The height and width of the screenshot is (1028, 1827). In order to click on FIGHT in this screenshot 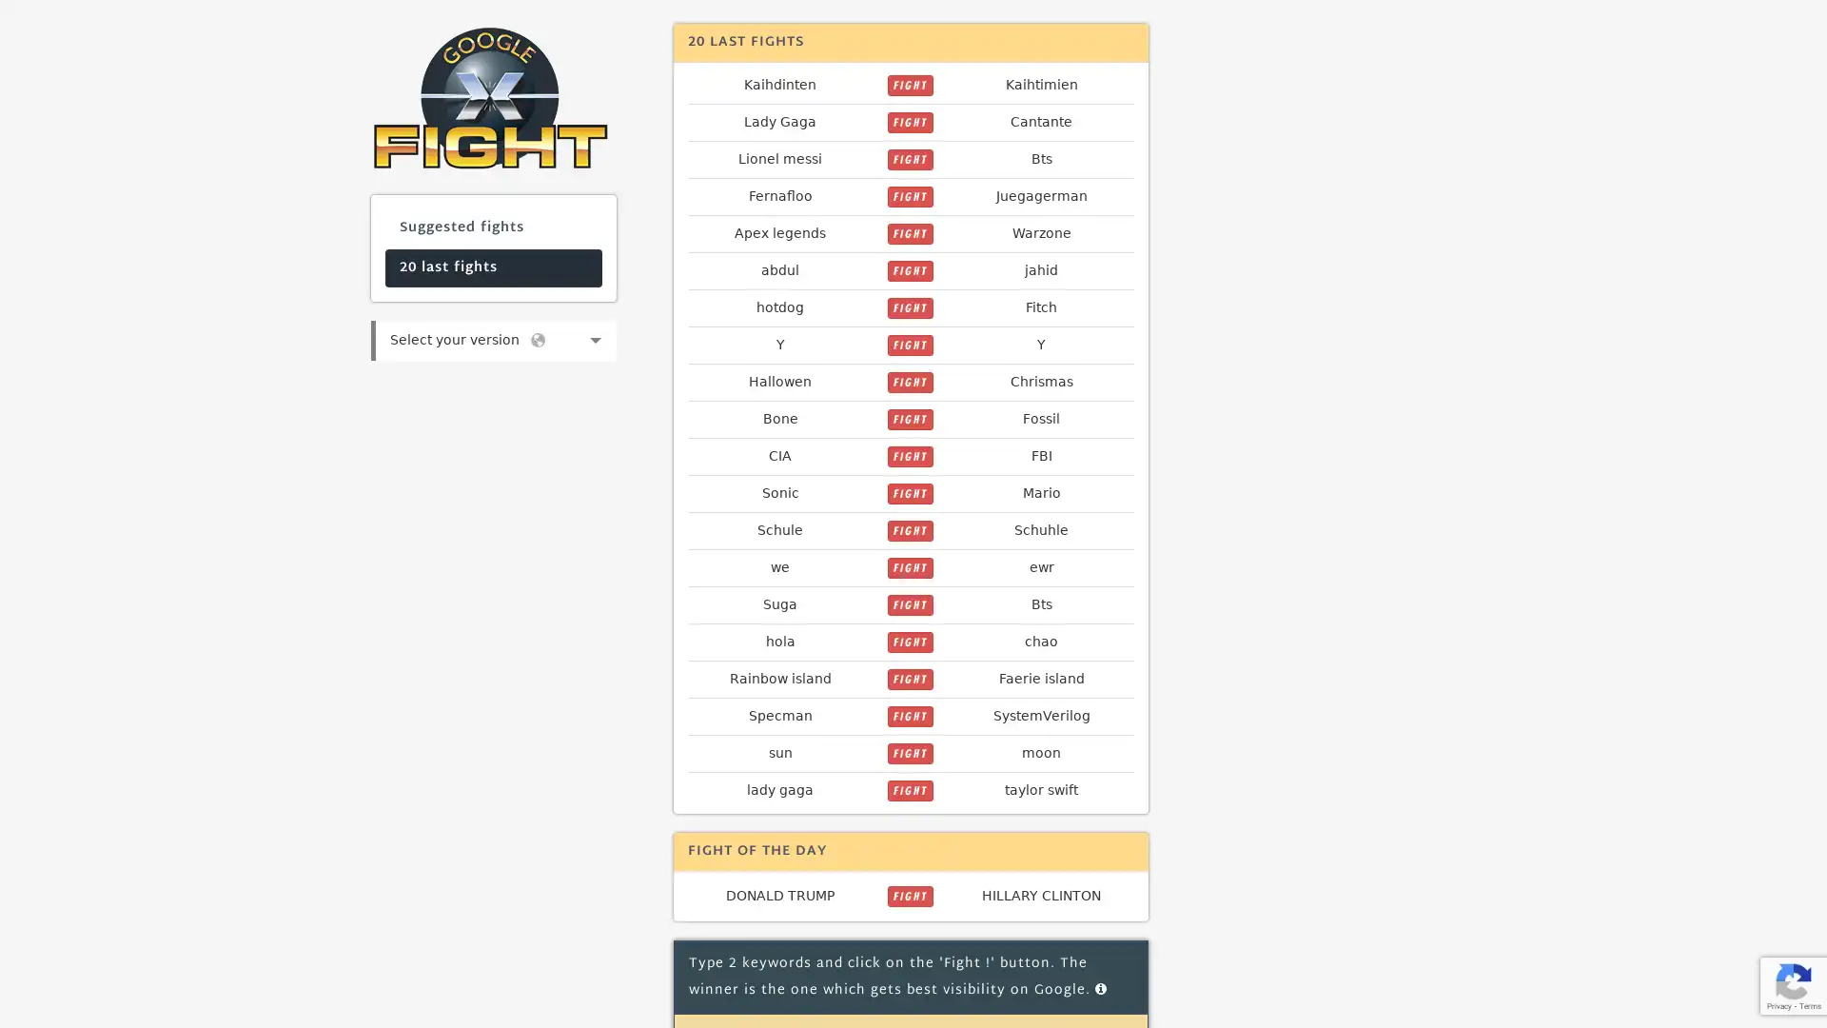, I will do `click(909, 159)`.